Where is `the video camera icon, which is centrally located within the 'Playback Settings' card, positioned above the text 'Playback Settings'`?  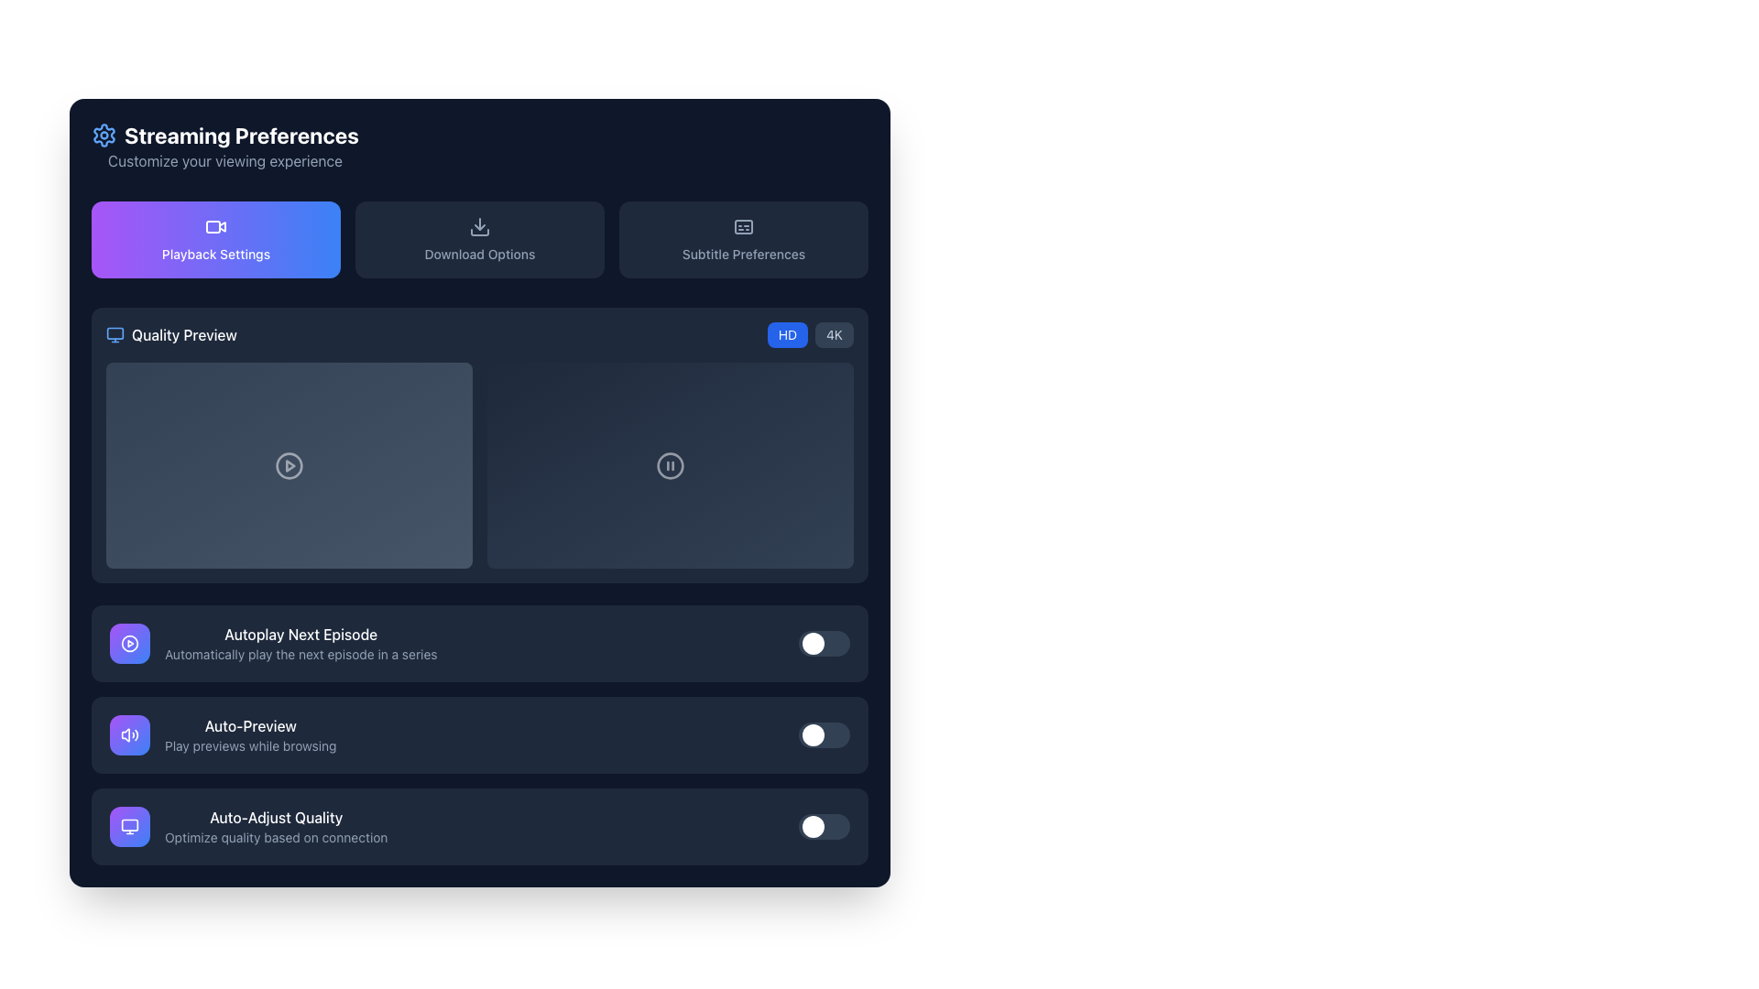 the video camera icon, which is centrally located within the 'Playback Settings' card, positioned above the text 'Playback Settings' is located at coordinates (215, 225).